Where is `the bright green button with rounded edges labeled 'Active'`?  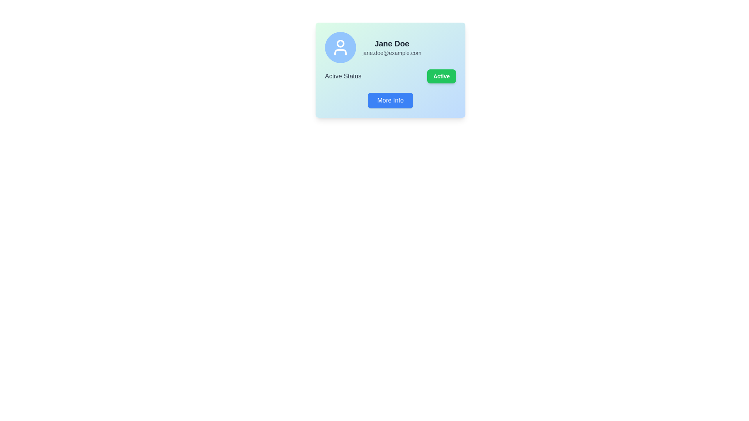
the bright green button with rounded edges labeled 'Active' is located at coordinates (442, 76).